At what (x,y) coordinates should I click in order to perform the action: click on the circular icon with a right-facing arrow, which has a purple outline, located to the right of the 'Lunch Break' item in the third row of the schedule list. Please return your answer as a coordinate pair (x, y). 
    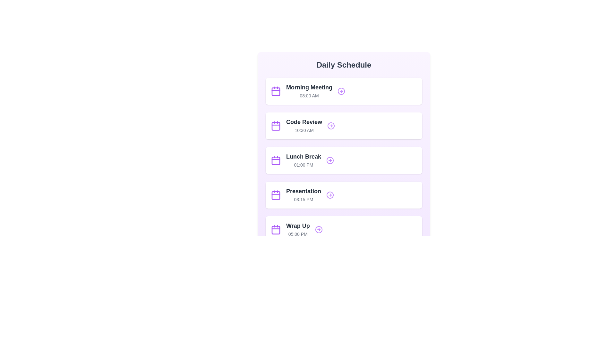
    Looking at the image, I should click on (330, 160).